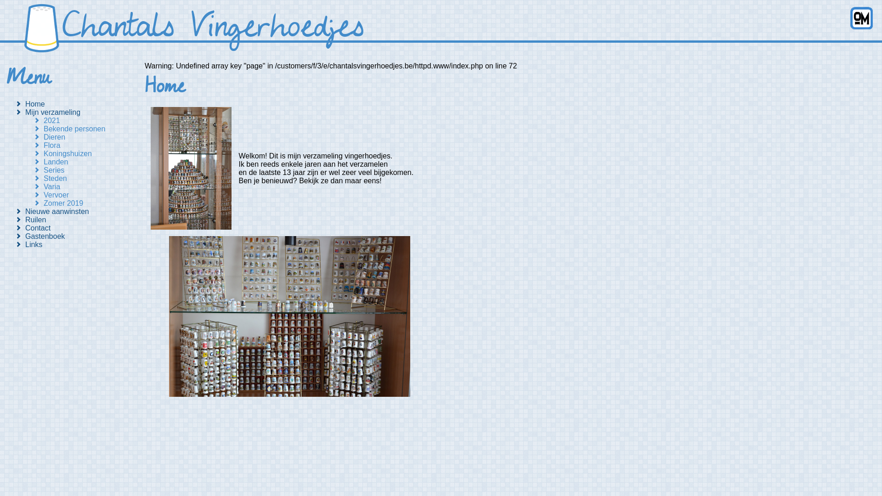 The height and width of the screenshot is (496, 882). I want to click on 'Gastenboek', so click(78, 236).